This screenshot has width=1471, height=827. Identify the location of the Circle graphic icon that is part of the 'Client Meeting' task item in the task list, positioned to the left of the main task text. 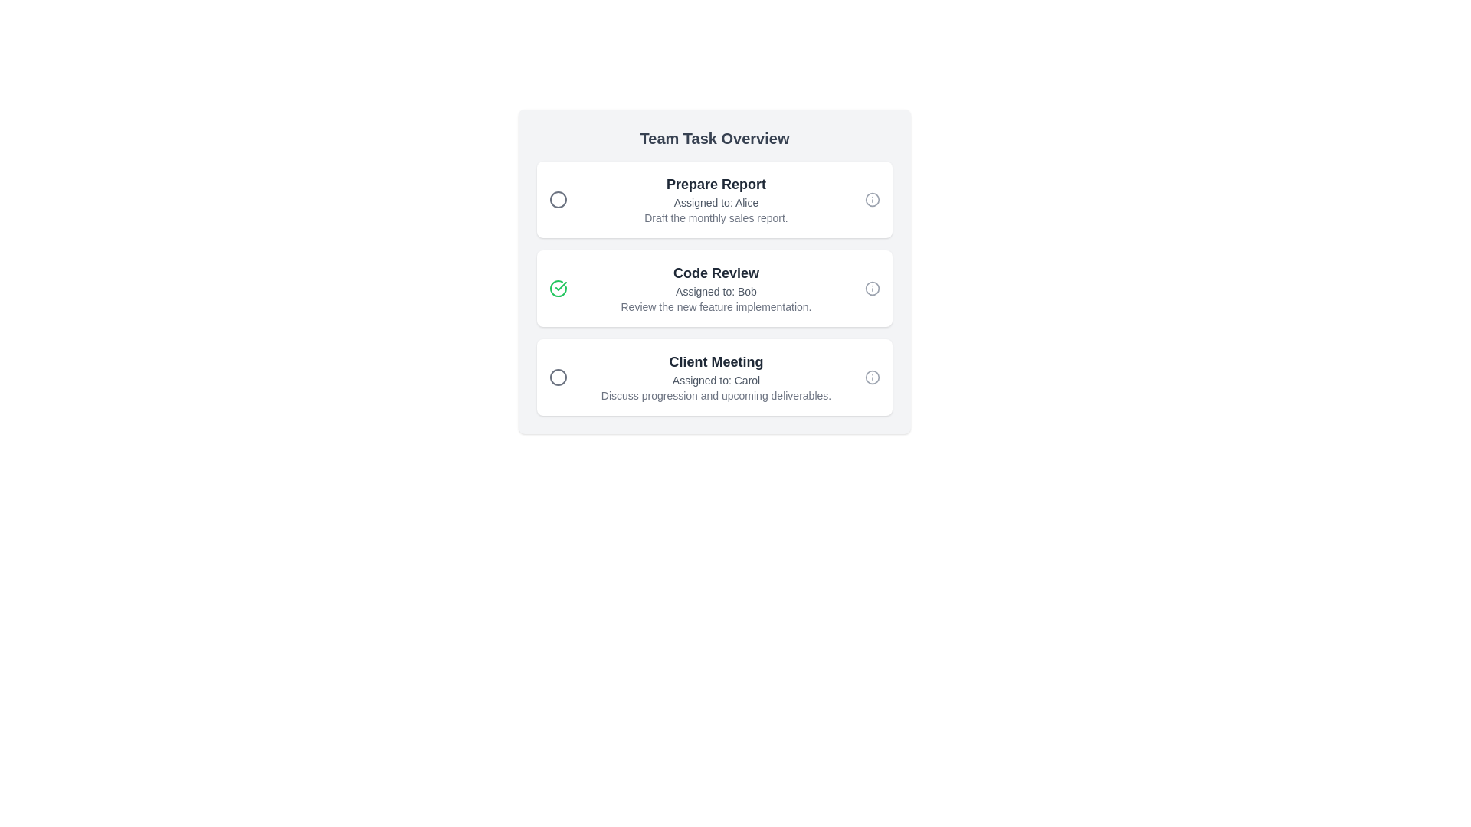
(558, 378).